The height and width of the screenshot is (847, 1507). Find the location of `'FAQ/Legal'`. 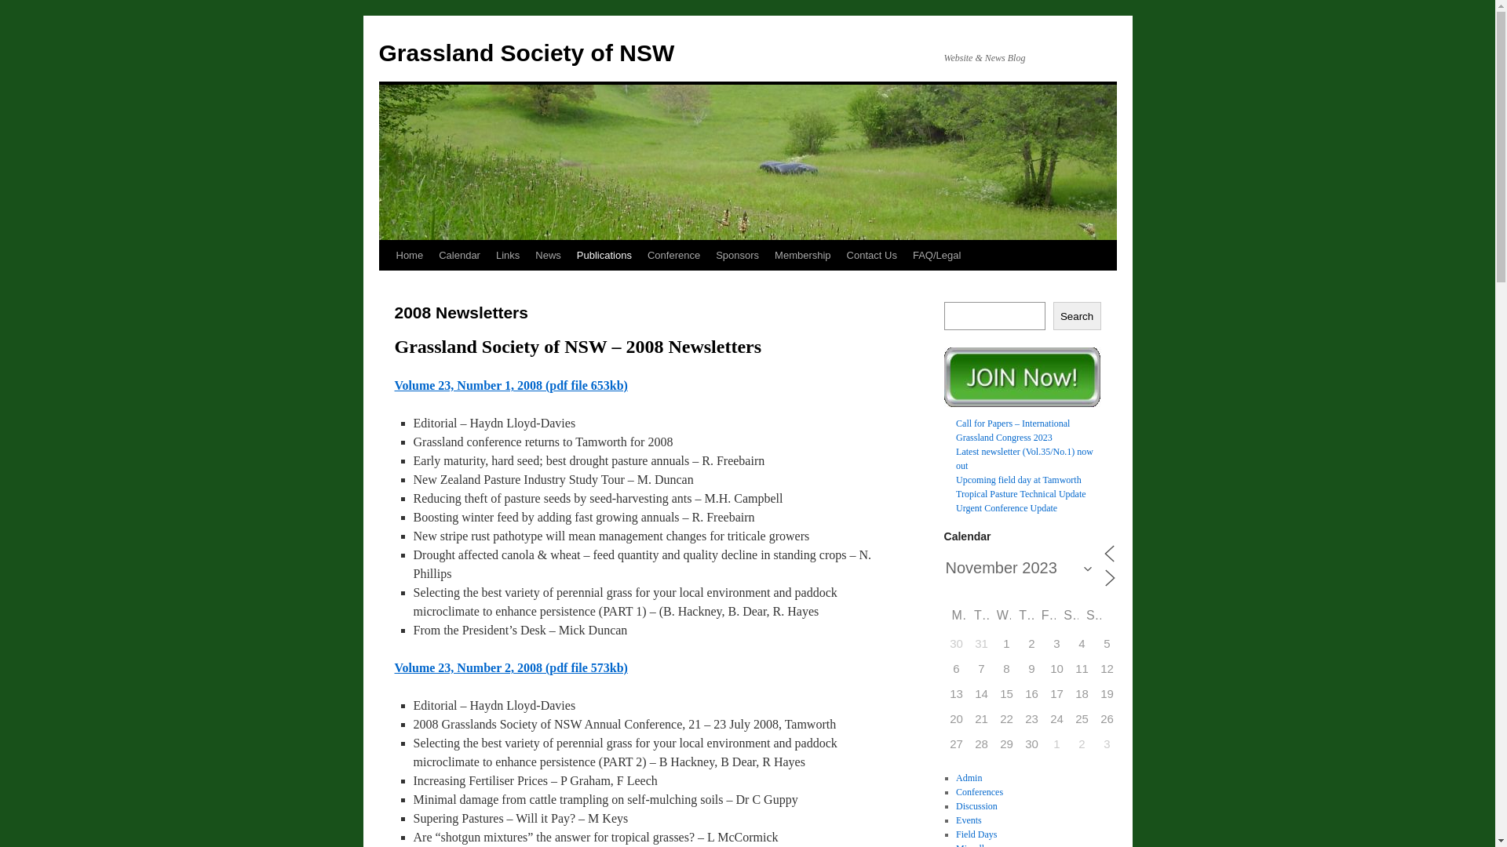

'FAQ/Legal' is located at coordinates (936, 255).